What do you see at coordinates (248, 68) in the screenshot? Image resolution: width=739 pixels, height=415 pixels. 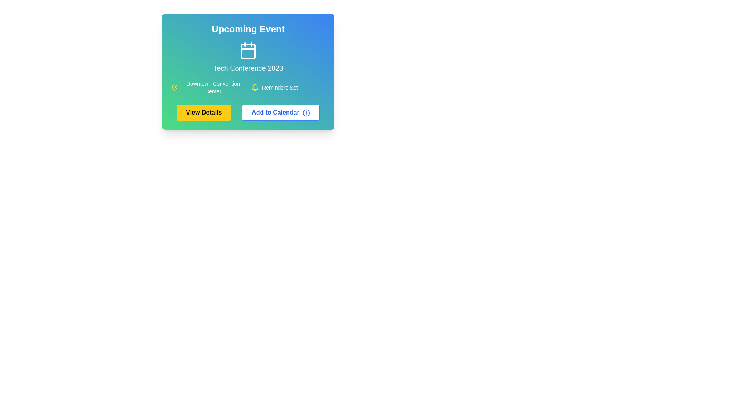 I see `the text label displaying 'Tech Conference 2023', which is positioned centrally below a calendar icon and above the buttons 'View Details' and 'Add to Calendar'` at bounding box center [248, 68].